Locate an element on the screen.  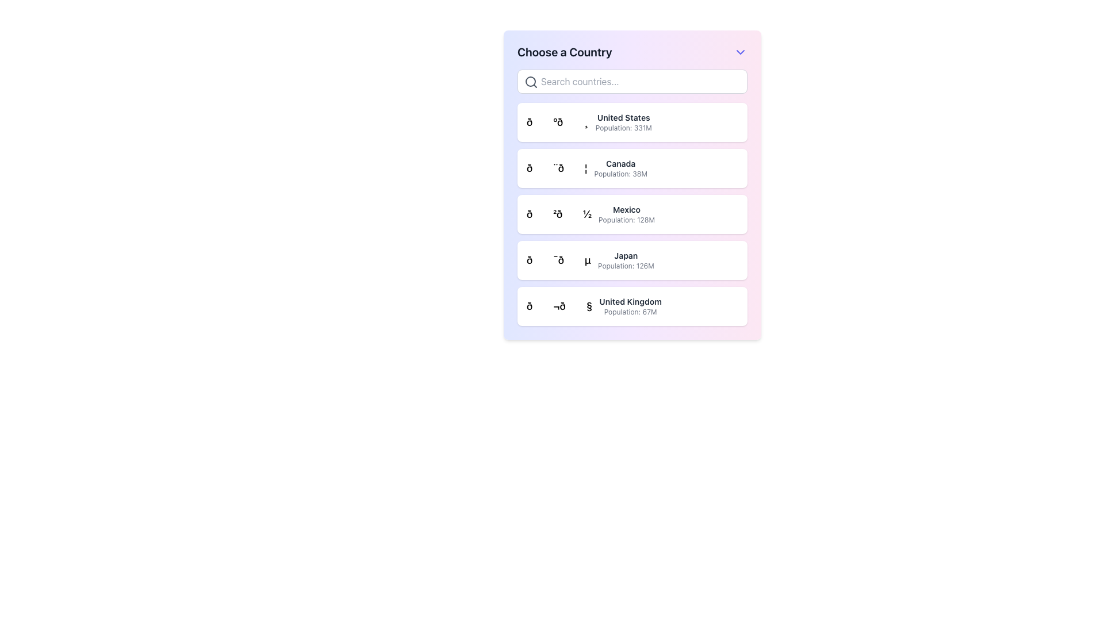
the list item for 'Mexico' in the 'Choose a Country' card is located at coordinates (631, 214).